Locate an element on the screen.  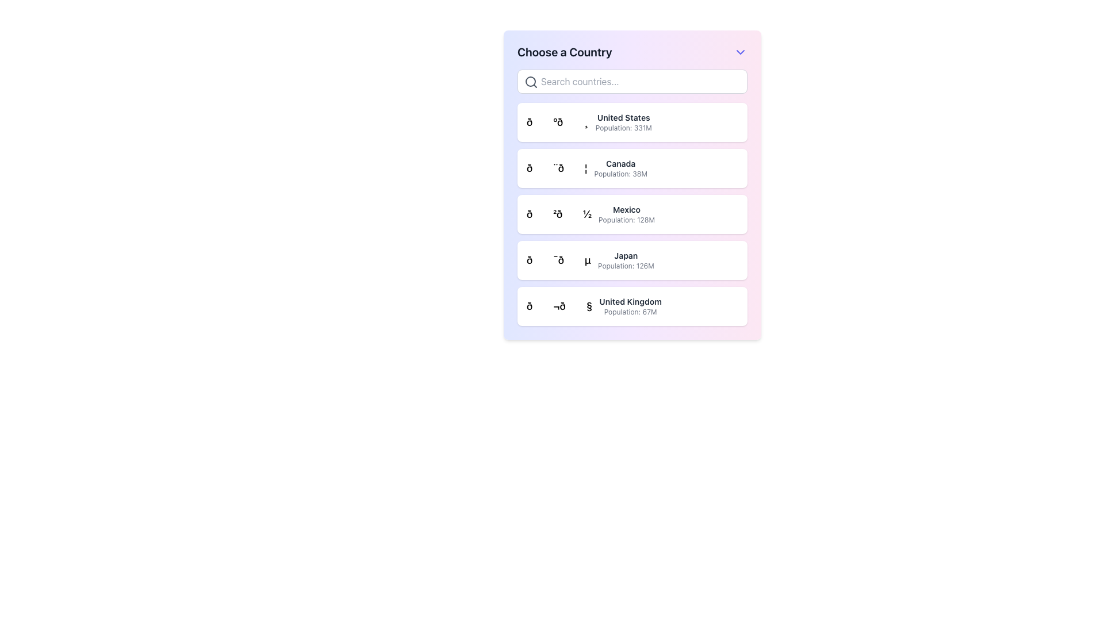
the list item for 'Mexico' in the 'Choose a Country' card is located at coordinates (631, 214).